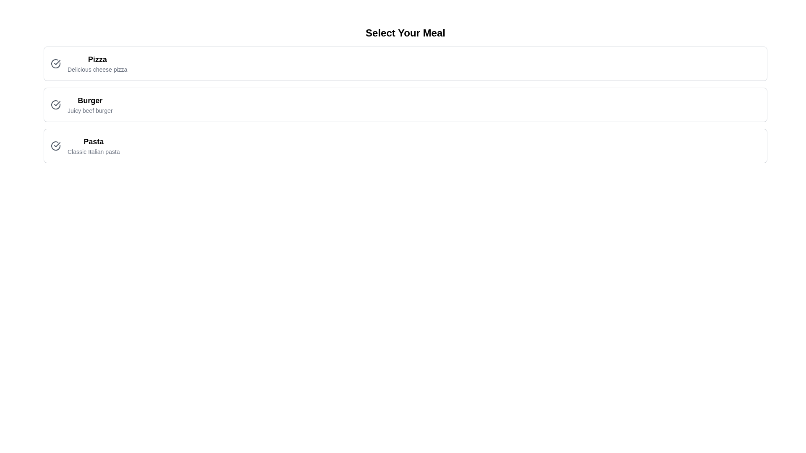 This screenshot has height=453, width=806. What do you see at coordinates (90, 104) in the screenshot?
I see `the middle text block component that represents a burger meal option in the vertically stacked list of meal options` at bounding box center [90, 104].